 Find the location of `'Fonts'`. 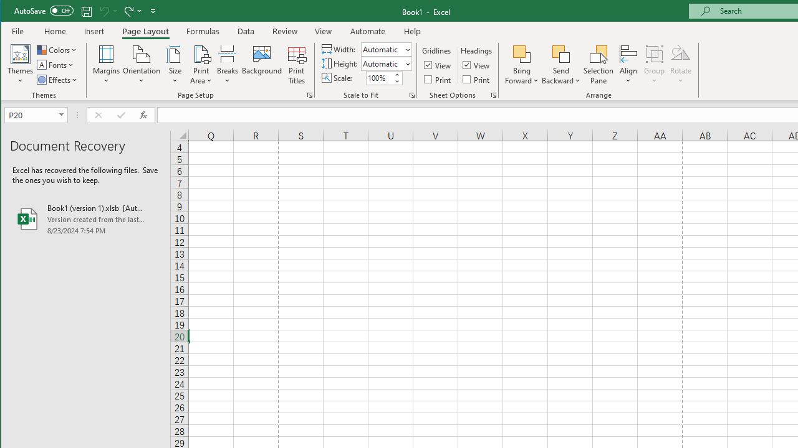

'Fonts' is located at coordinates (55, 65).